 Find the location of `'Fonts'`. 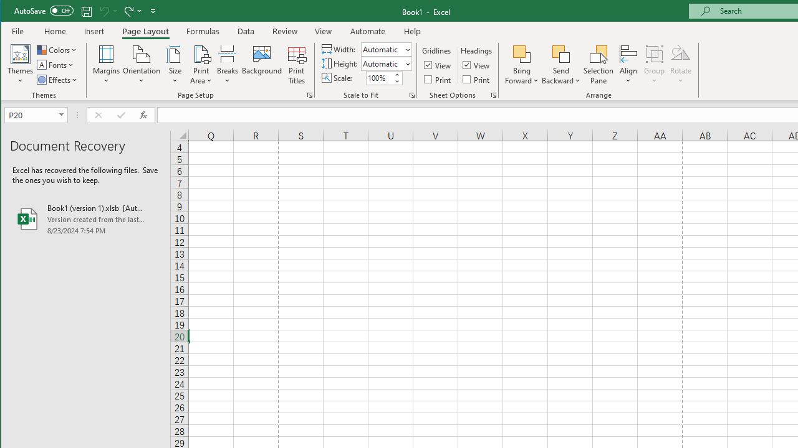

'Fonts' is located at coordinates (55, 65).